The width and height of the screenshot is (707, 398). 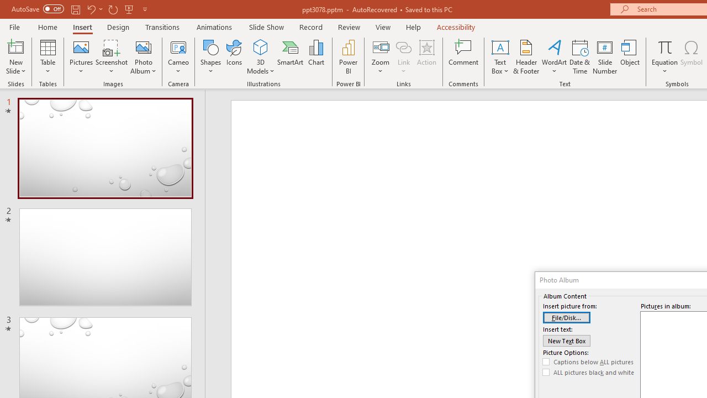 What do you see at coordinates (348, 57) in the screenshot?
I see `'Power BI'` at bounding box center [348, 57].